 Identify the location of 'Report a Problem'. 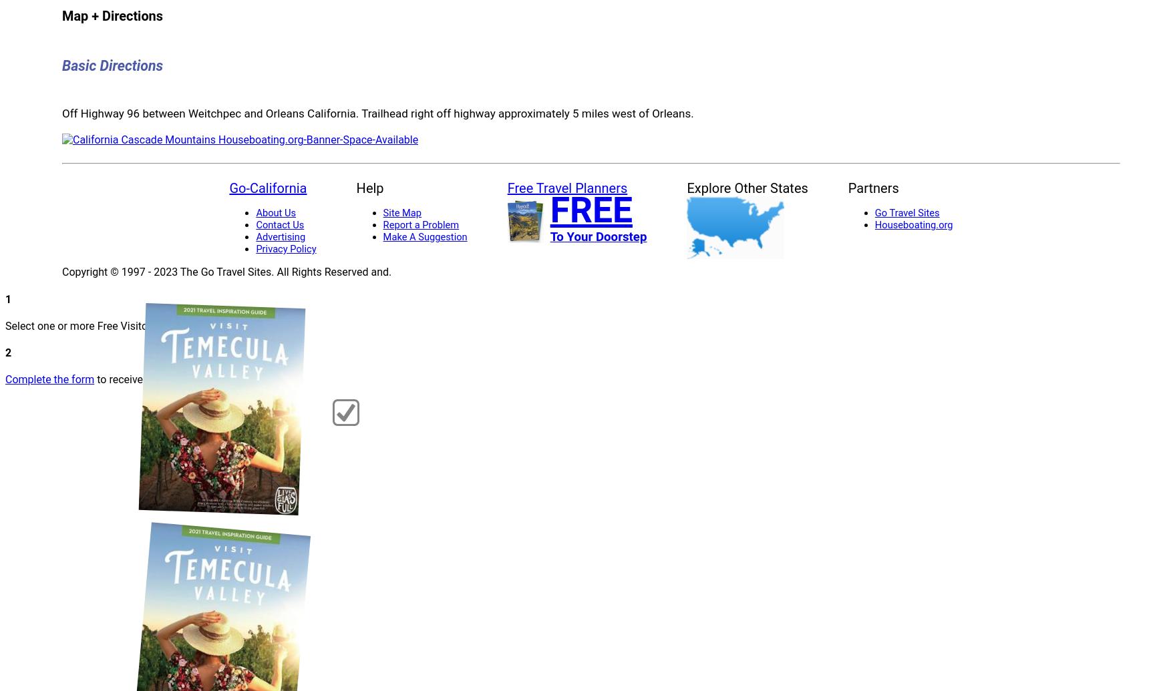
(383, 224).